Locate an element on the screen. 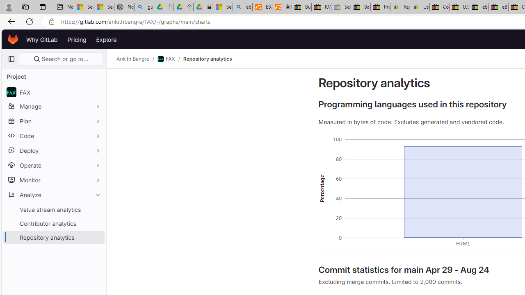  'U.S. State Privacy Disclosures - eBay Inc.' is located at coordinates (459, 7).